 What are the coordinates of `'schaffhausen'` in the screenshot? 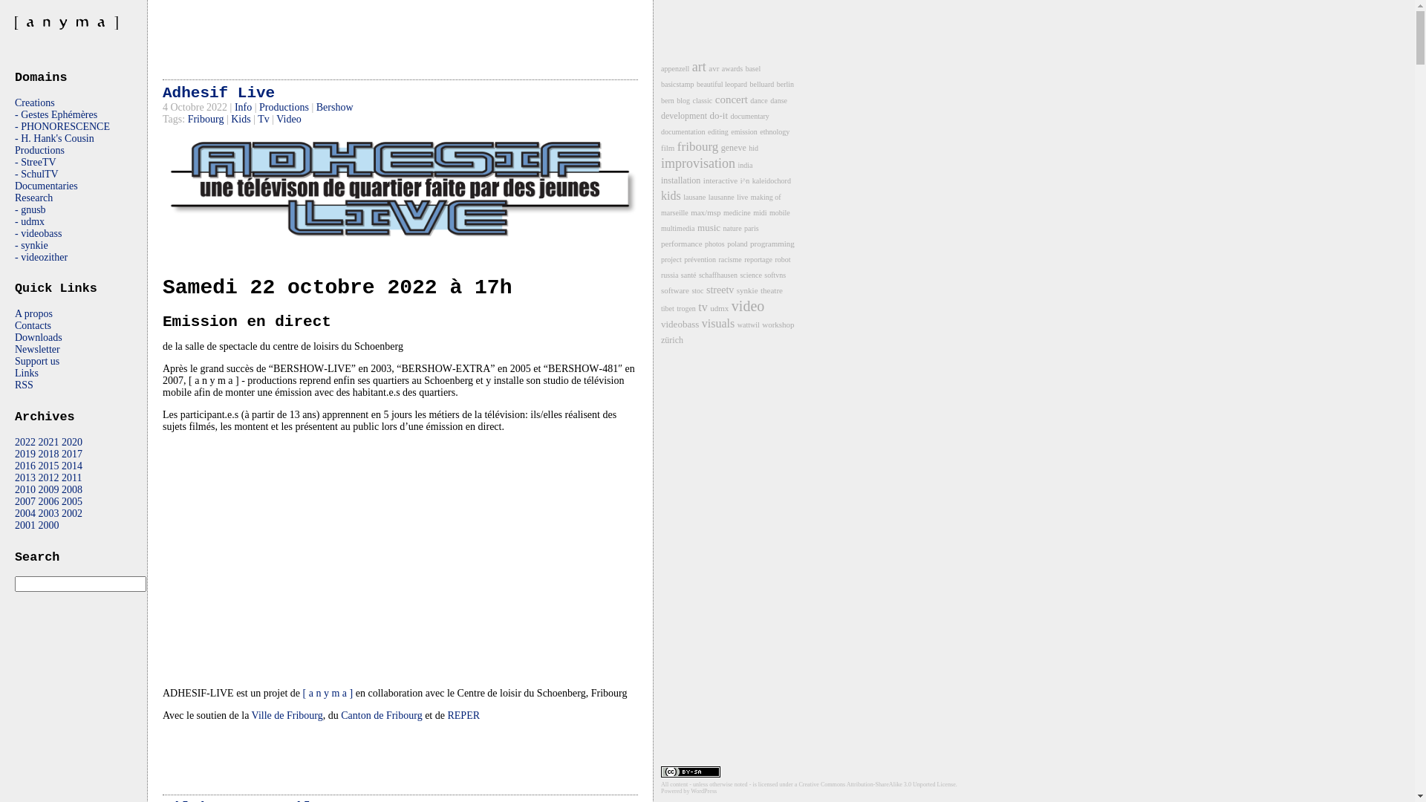 It's located at (717, 275).